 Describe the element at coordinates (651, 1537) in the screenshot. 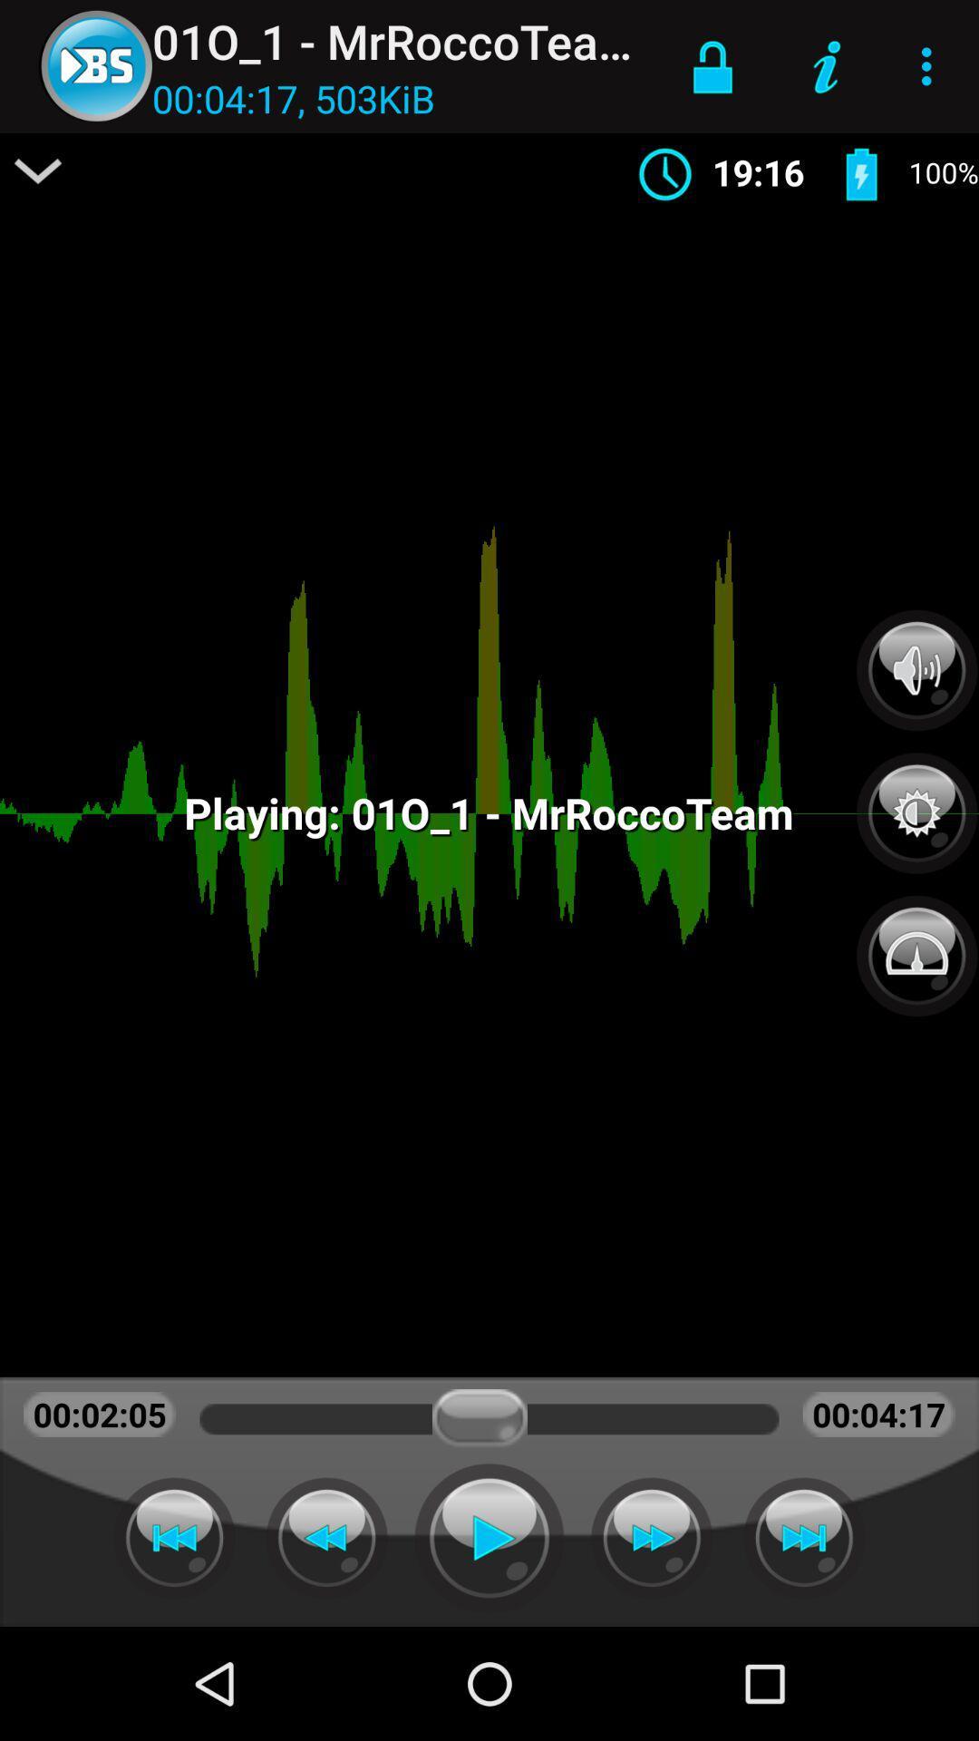

I see `foward fast` at that location.